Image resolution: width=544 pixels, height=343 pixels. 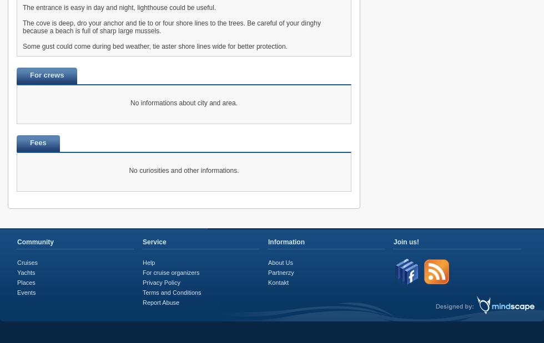 What do you see at coordinates (406, 242) in the screenshot?
I see `'Join us!'` at bounding box center [406, 242].